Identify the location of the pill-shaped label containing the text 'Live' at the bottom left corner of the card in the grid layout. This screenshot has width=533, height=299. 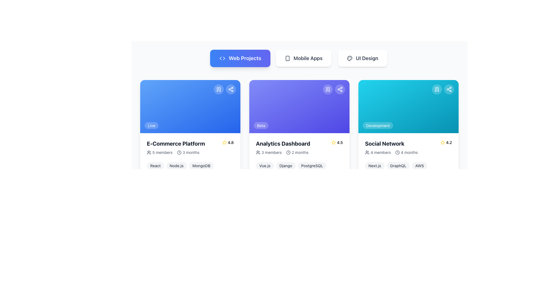
(152, 125).